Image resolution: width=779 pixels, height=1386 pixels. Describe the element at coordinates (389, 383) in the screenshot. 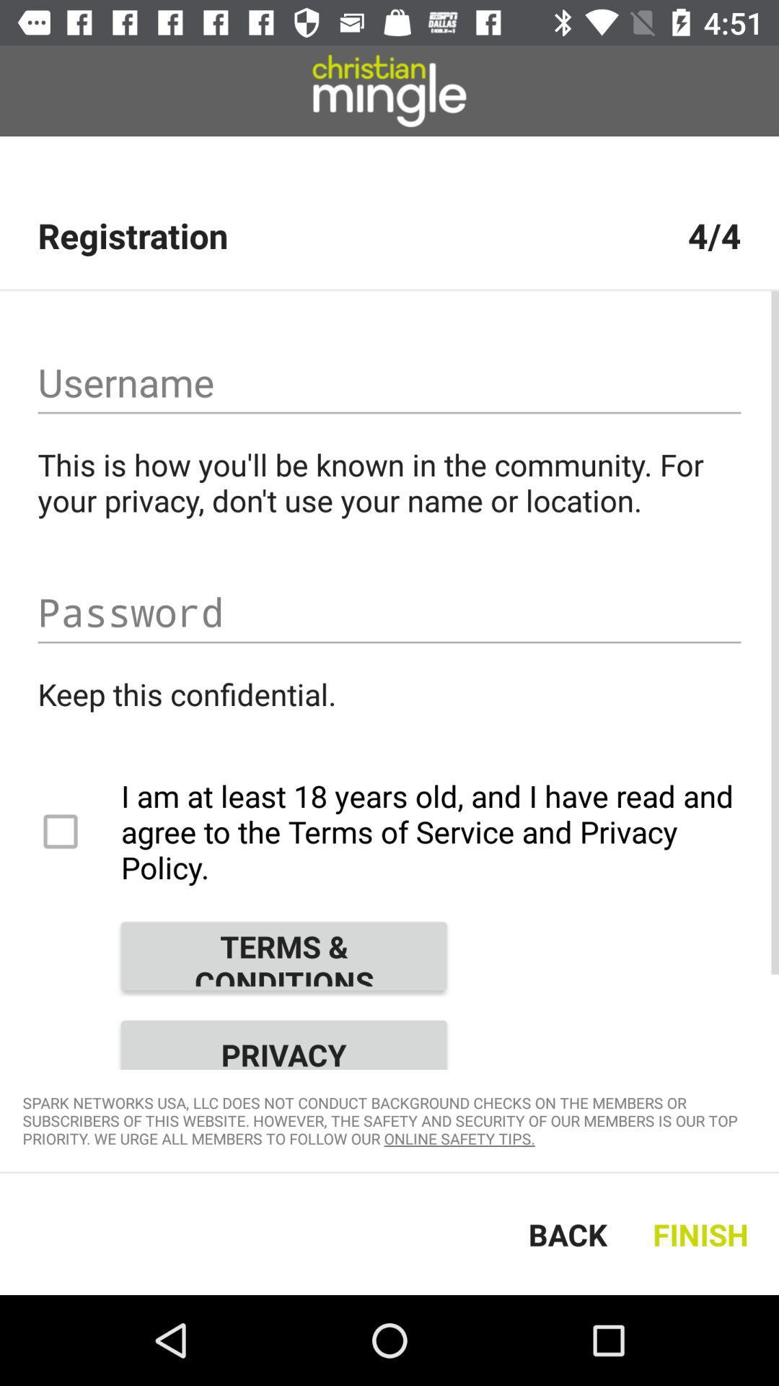

I see `new username` at that location.